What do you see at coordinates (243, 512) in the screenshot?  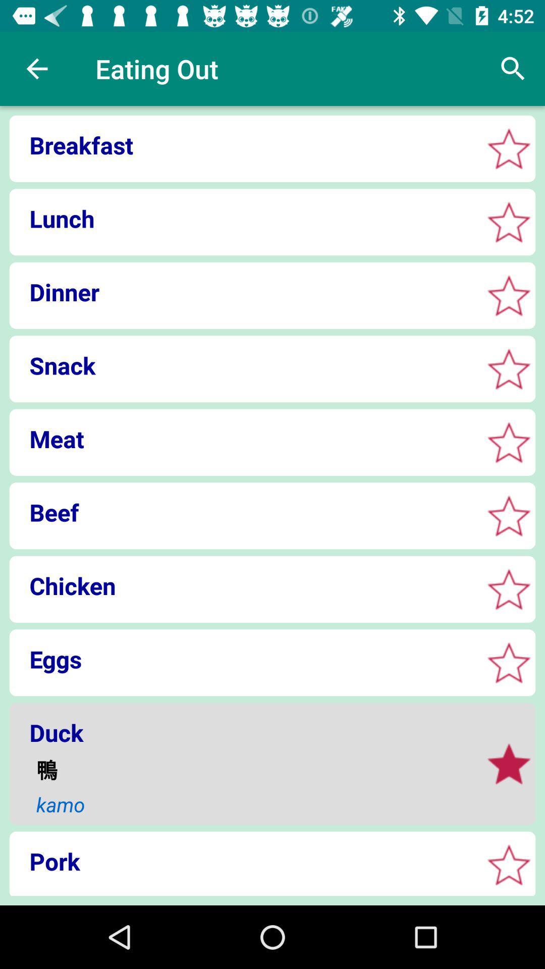 I see `beef item` at bounding box center [243, 512].